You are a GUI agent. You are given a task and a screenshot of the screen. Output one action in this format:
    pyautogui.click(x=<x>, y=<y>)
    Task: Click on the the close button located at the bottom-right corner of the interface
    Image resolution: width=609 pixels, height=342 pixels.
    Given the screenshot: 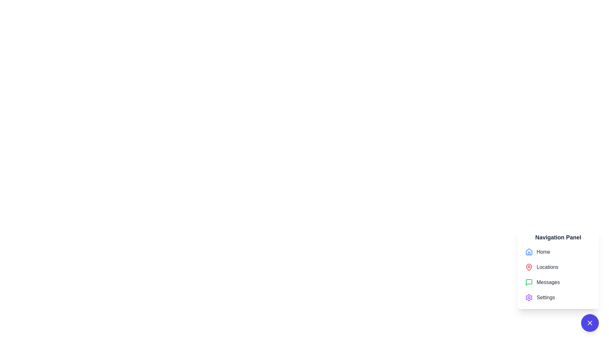 What is the action you would take?
    pyautogui.click(x=590, y=323)
    